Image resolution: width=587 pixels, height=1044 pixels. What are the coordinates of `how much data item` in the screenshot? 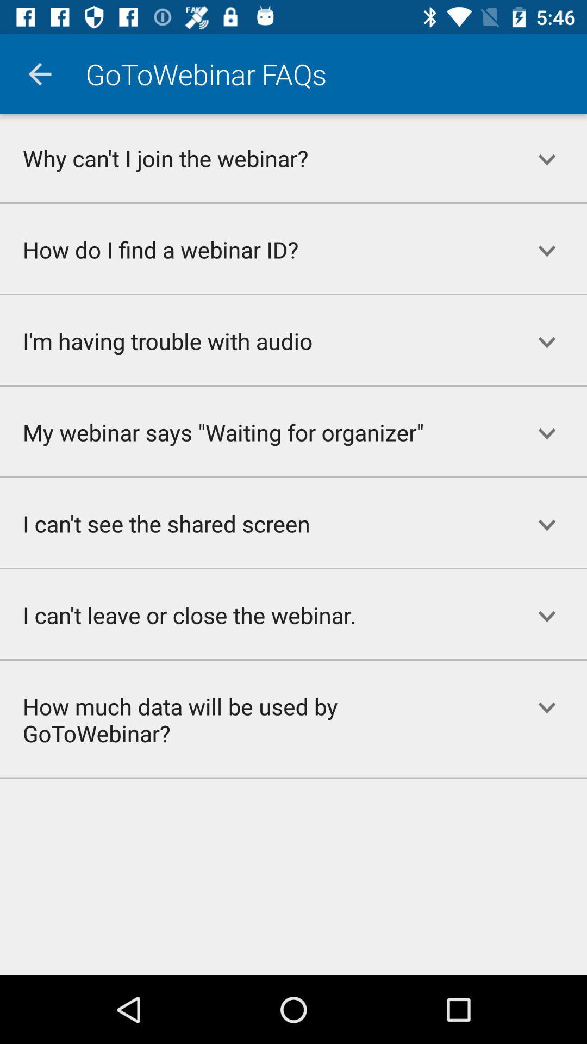 It's located at (253, 719).